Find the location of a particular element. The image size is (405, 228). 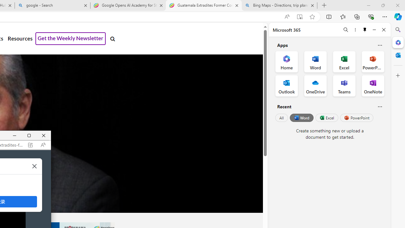

'Class: Bz112c Bz112c-r9oPif' is located at coordinates (34, 166).